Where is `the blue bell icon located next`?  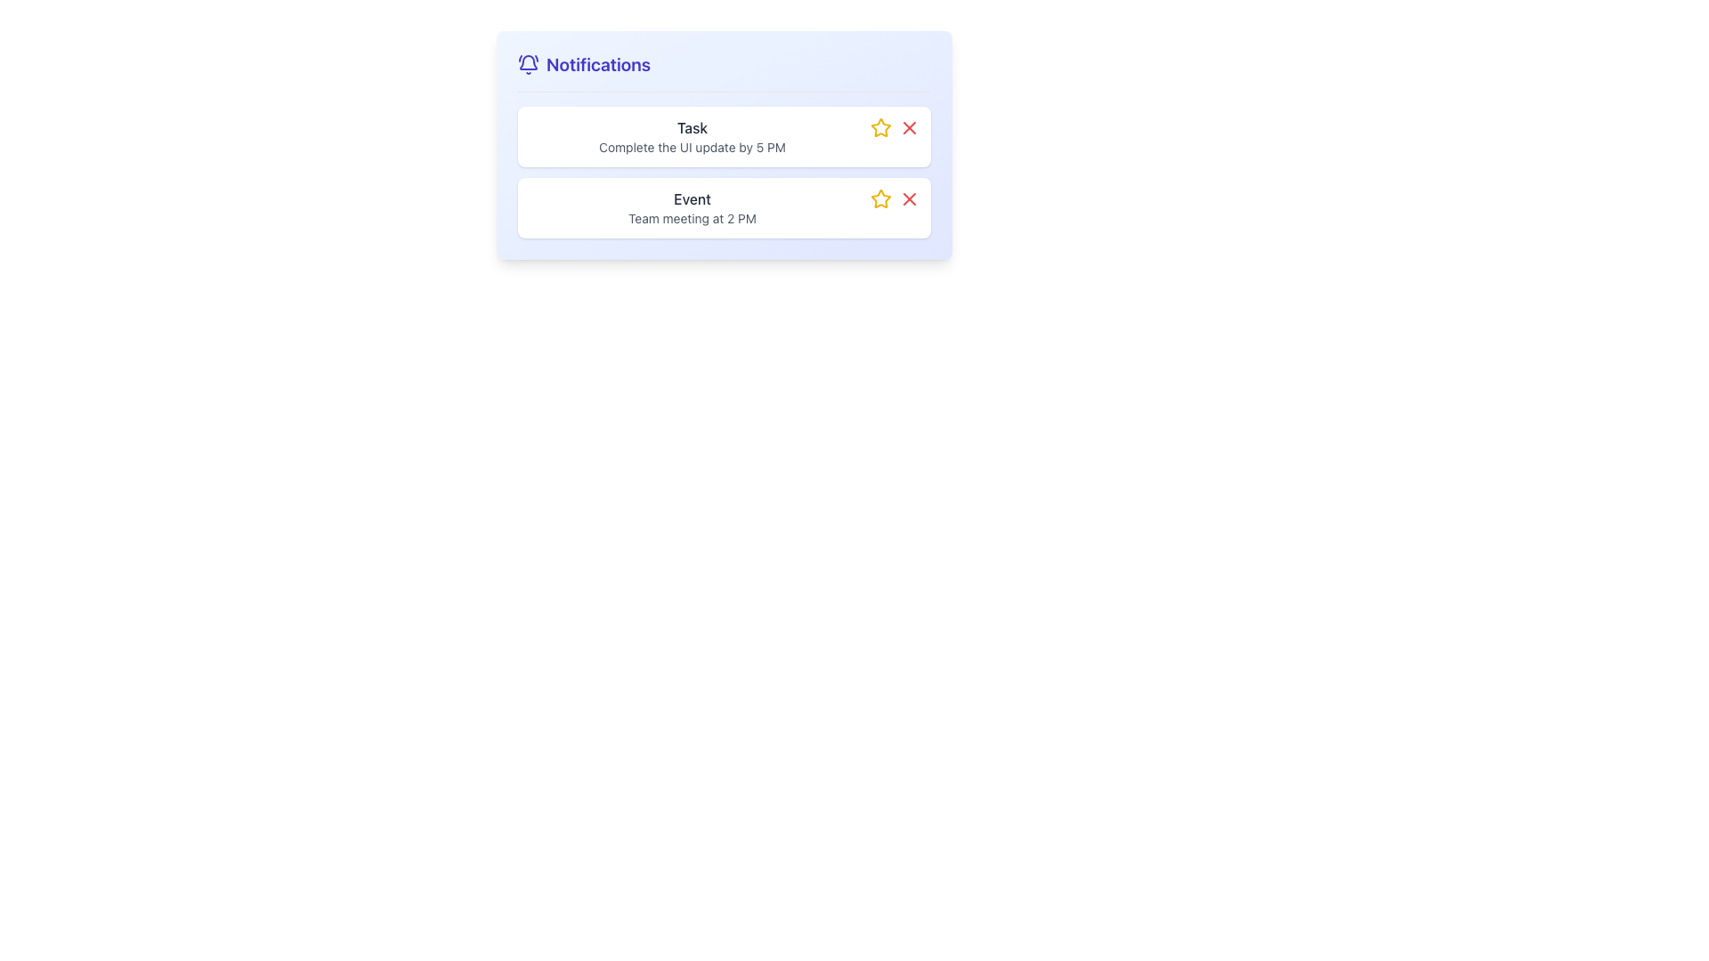 the blue bell icon located next is located at coordinates (528, 64).